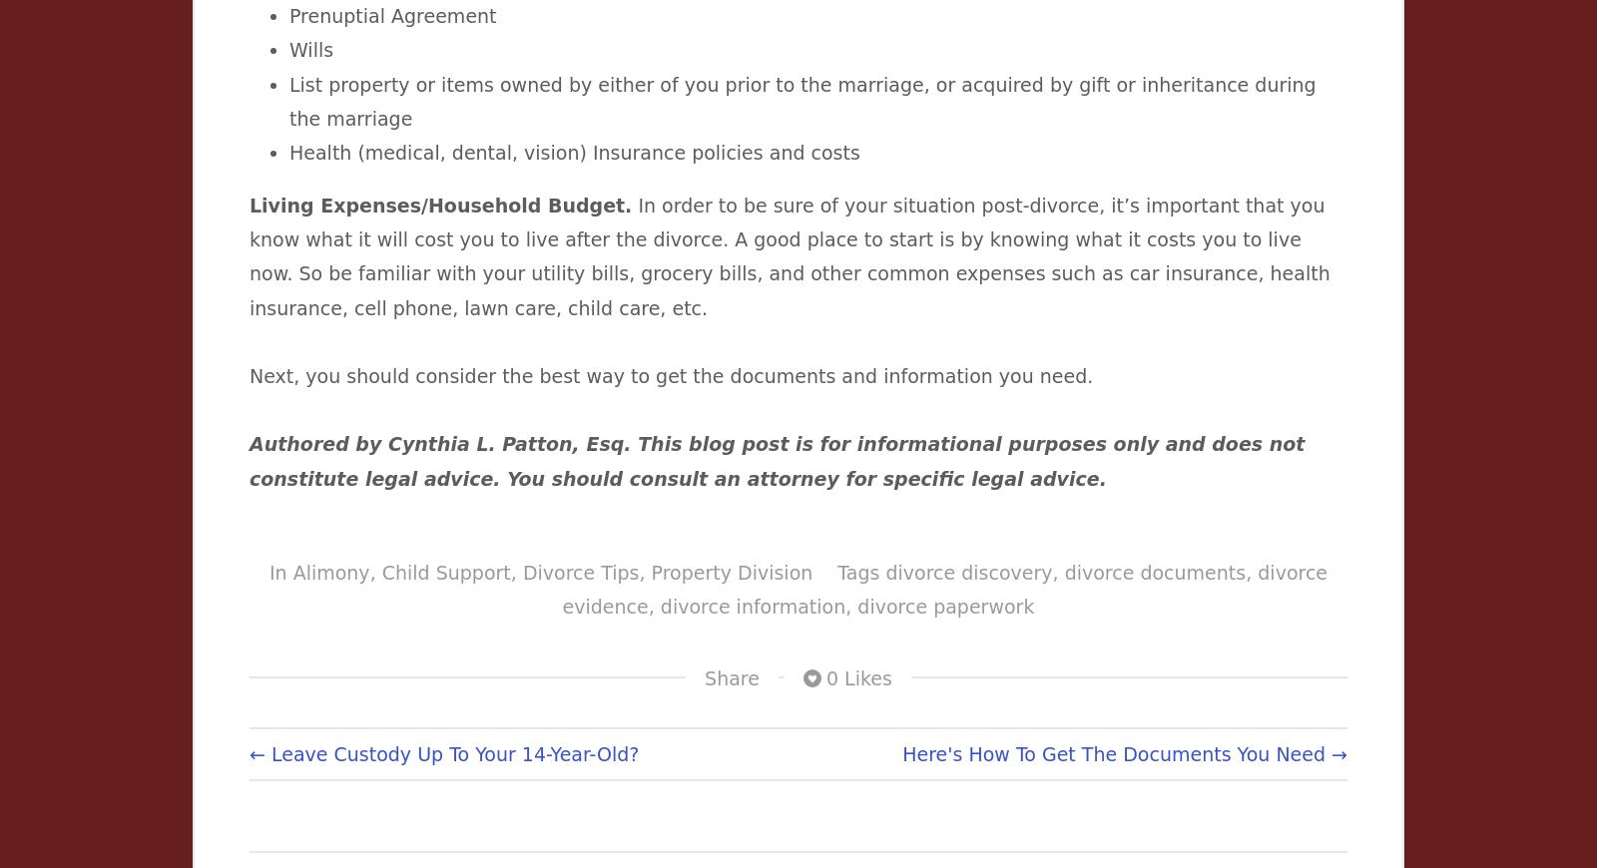  I want to click on 'Health (medical, dental, vision) Insurance policies and costs', so click(573, 150).